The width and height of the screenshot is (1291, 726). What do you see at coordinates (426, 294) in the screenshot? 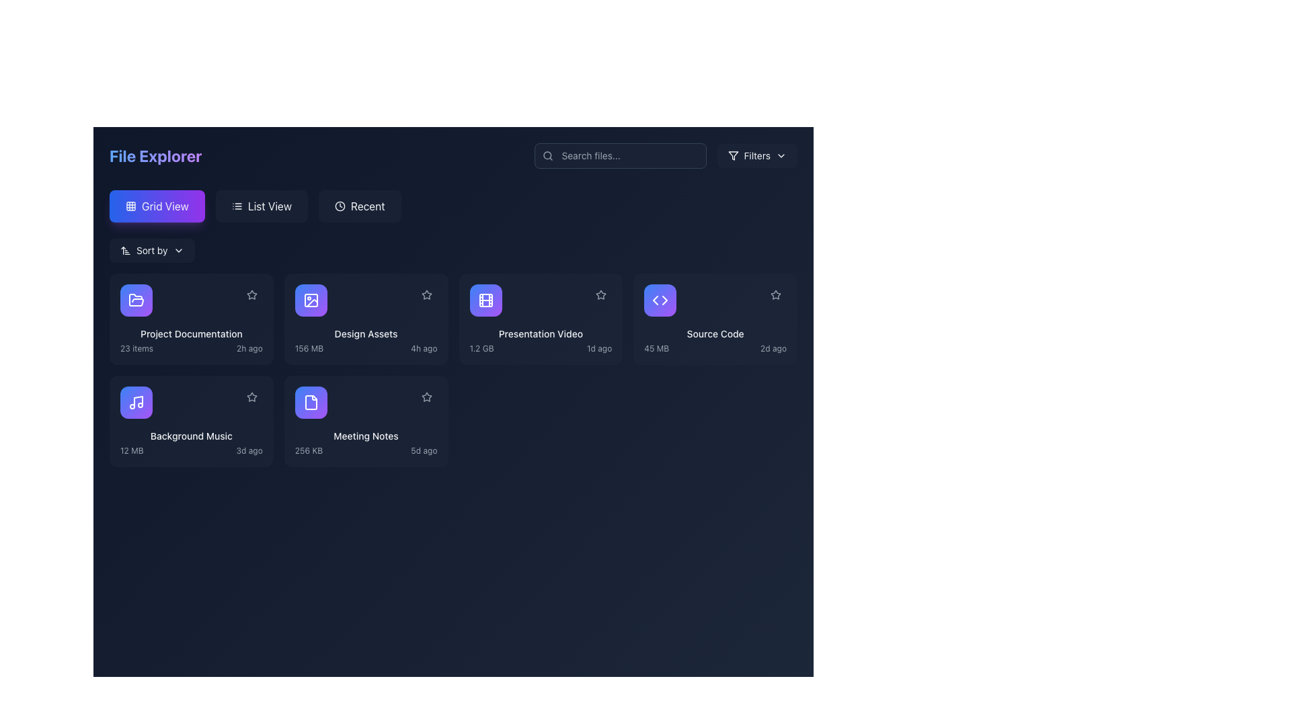
I see `the star icon button` at bounding box center [426, 294].